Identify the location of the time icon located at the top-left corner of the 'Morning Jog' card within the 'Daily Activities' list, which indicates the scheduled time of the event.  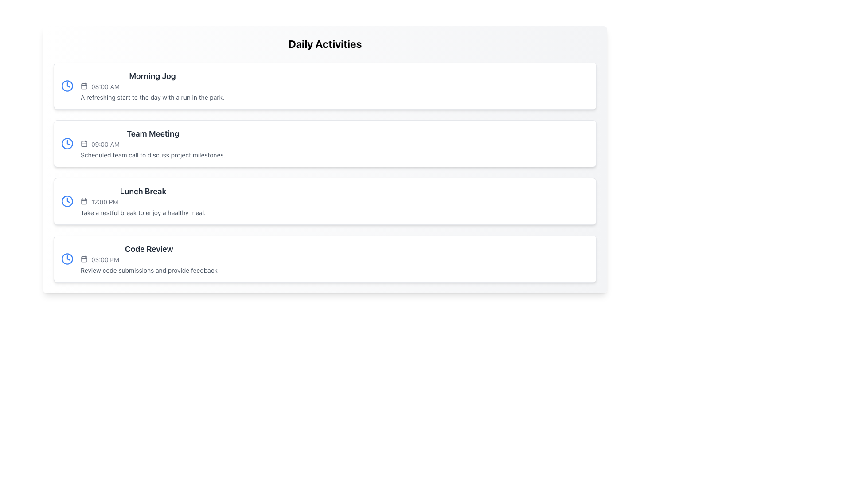
(67, 86).